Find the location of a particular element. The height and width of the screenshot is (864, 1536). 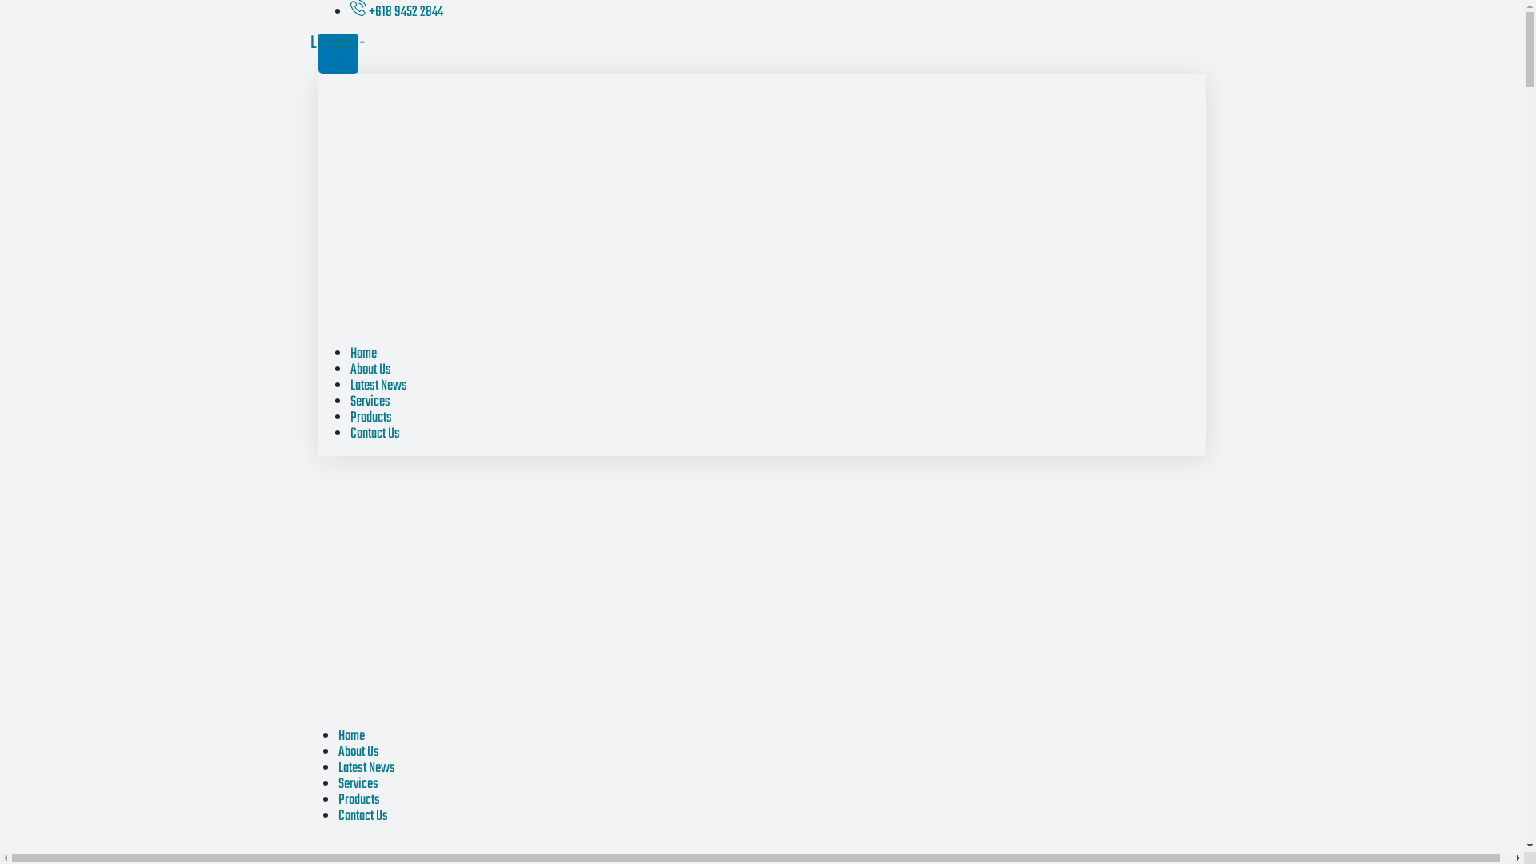

'Contact Us' is located at coordinates (361, 816).